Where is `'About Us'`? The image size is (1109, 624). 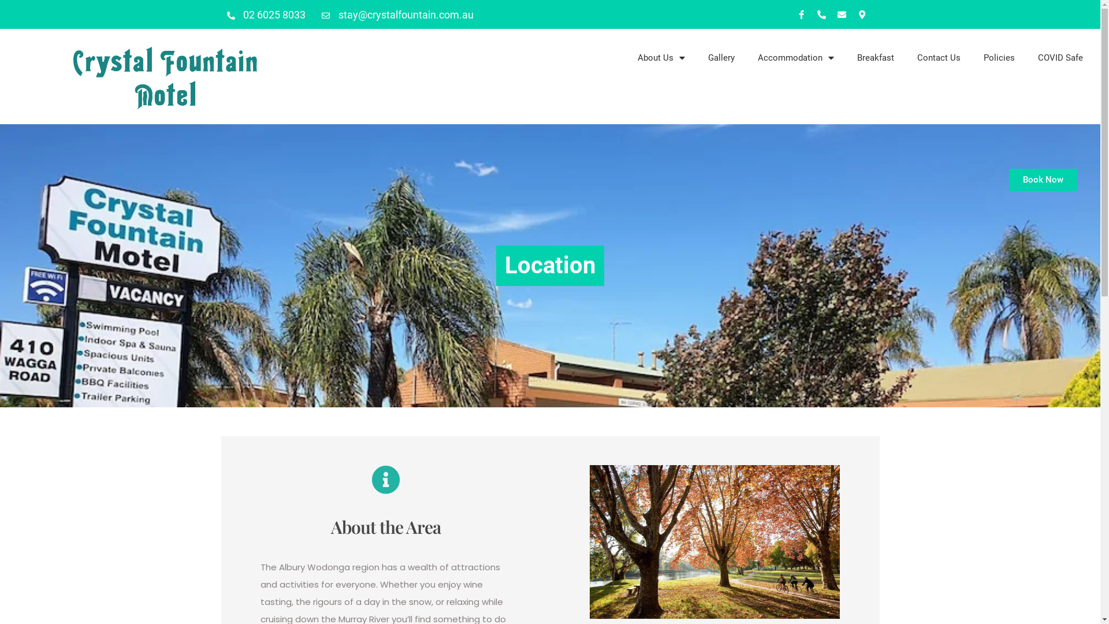 'About Us' is located at coordinates (661, 58).